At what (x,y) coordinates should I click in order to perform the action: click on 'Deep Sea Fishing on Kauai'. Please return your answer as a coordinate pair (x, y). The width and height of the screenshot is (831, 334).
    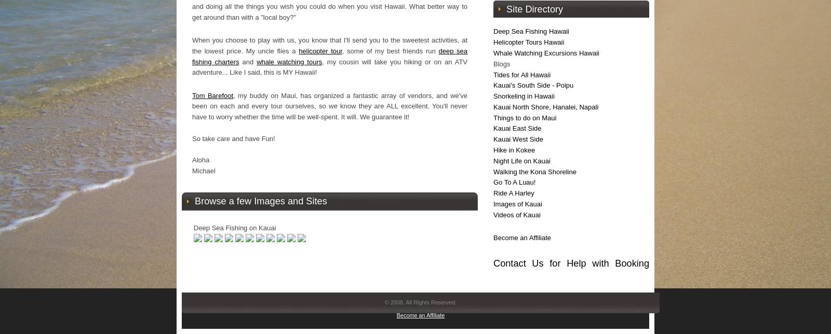
    Looking at the image, I should click on (234, 228).